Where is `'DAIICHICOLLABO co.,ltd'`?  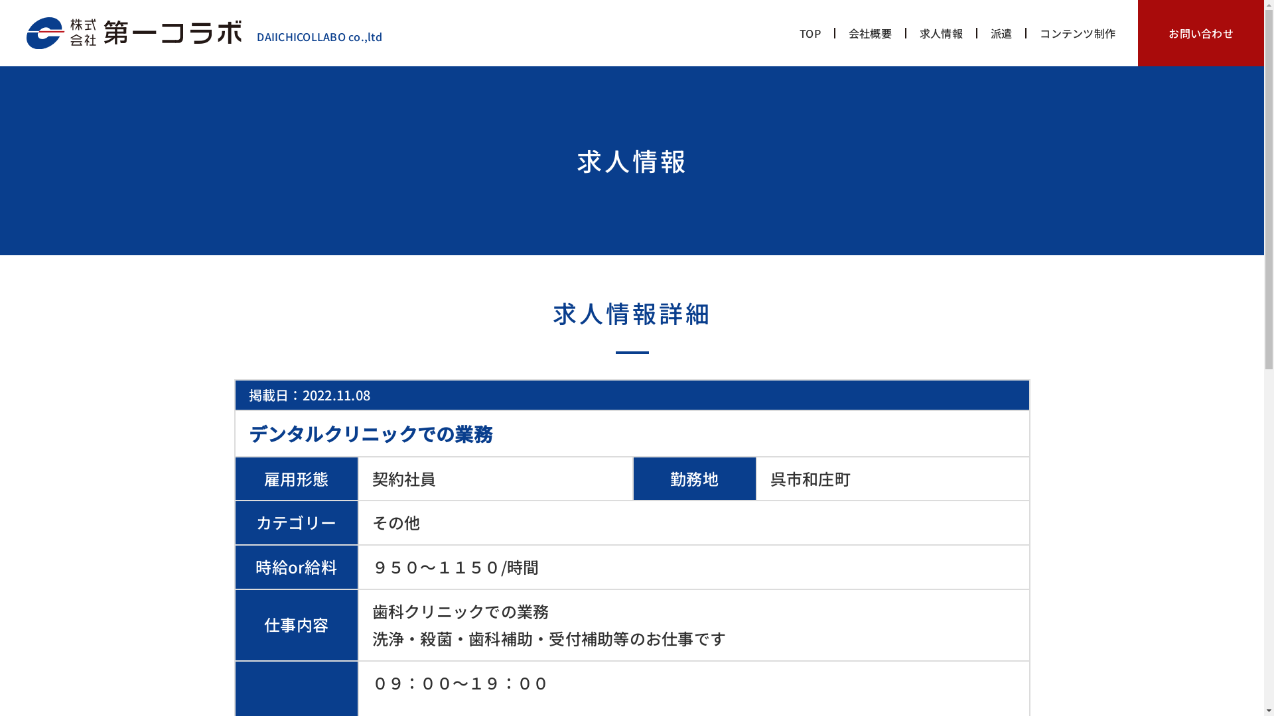
'DAIICHICOLLABO co.,ltd' is located at coordinates (203, 36).